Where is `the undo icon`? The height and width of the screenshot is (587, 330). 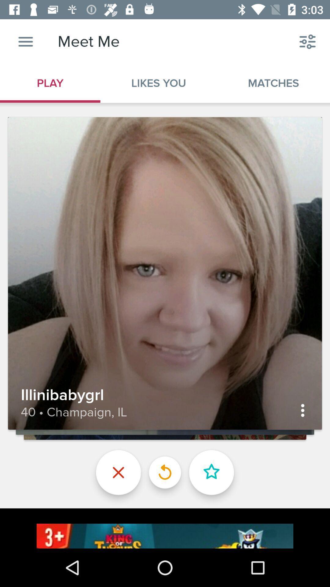 the undo icon is located at coordinates (165, 472).